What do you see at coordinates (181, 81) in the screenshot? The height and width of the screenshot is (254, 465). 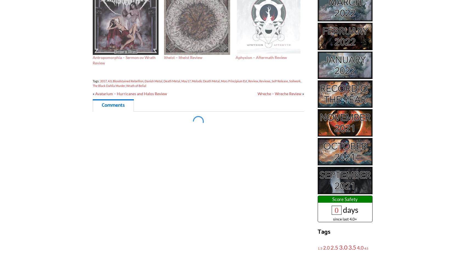 I see `'May17'` at bounding box center [181, 81].